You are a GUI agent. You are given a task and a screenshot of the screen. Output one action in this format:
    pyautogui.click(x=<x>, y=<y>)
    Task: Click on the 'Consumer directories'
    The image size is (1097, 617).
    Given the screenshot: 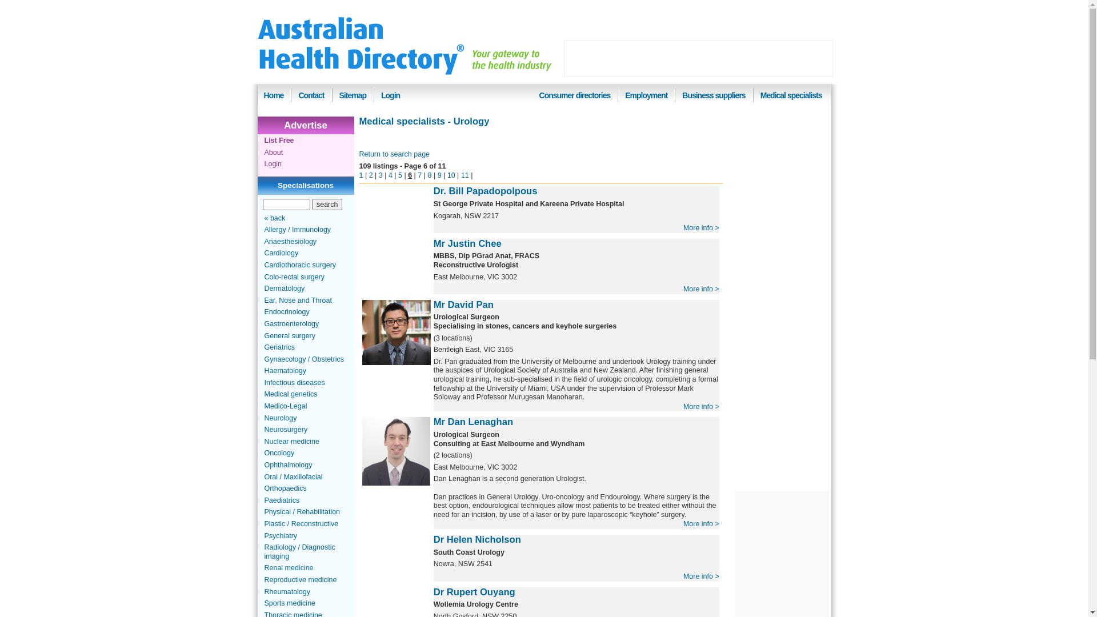 What is the action you would take?
    pyautogui.click(x=575, y=94)
    